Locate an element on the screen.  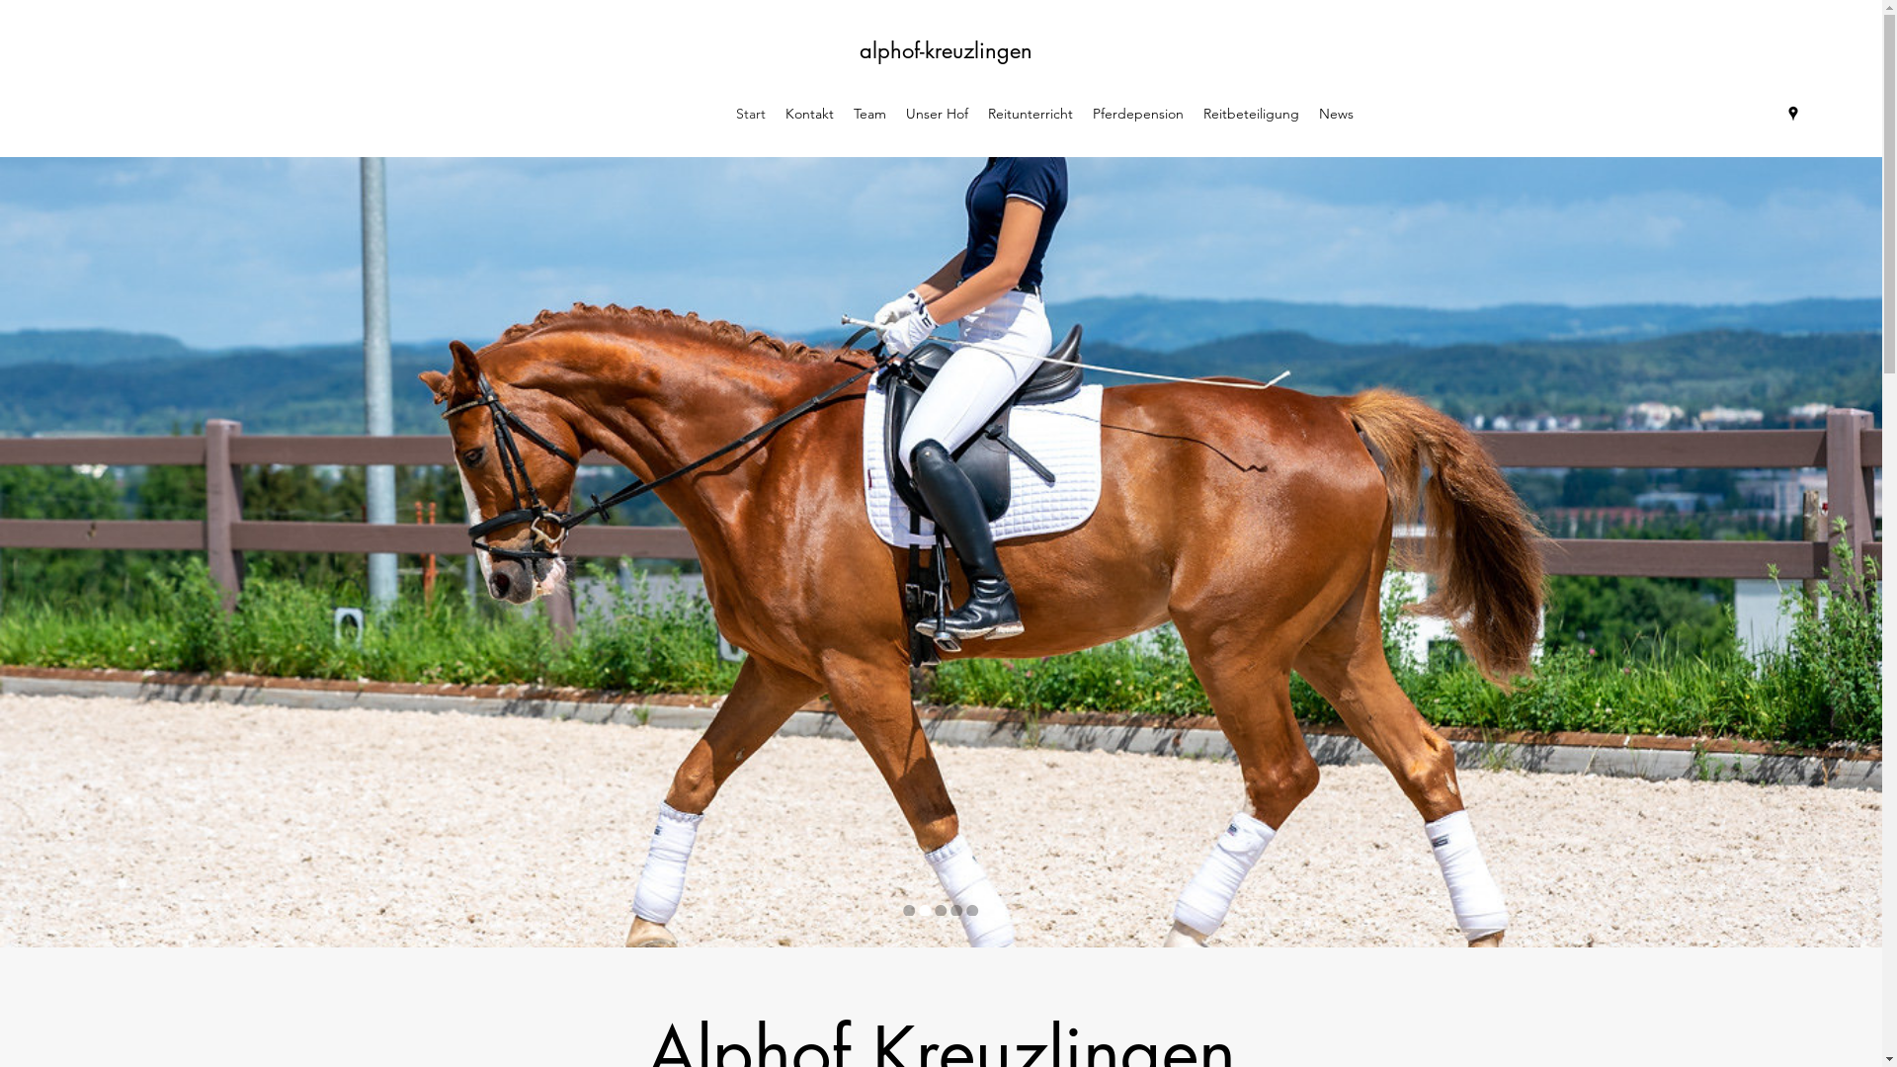
'Pferdepension' is located at coordinates (1138, 114).